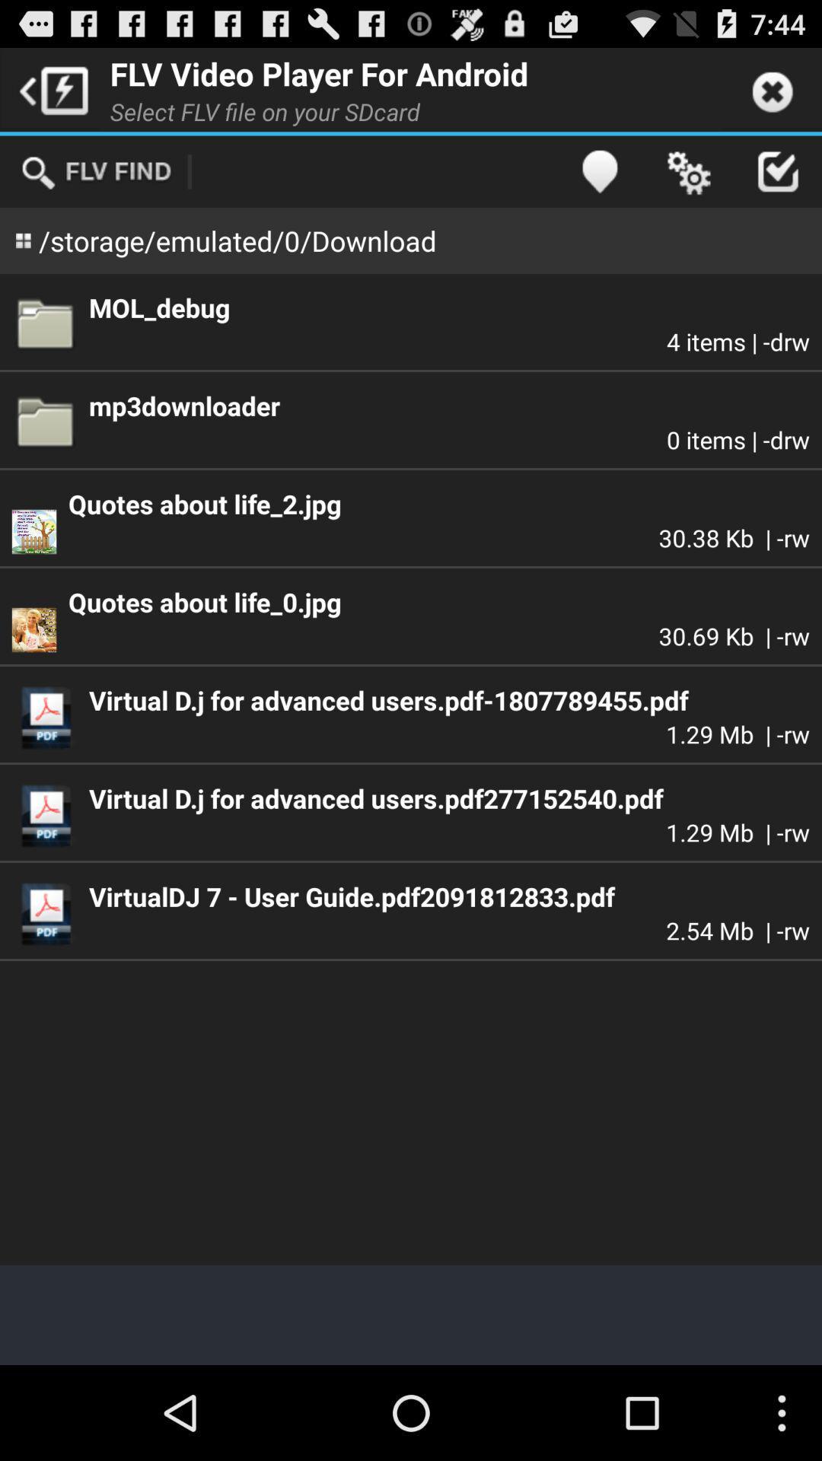  What do you see at coordinates (49, 88) in the screenshot?
I see `app next to the flv video player item` at bounding box center [49, 88].